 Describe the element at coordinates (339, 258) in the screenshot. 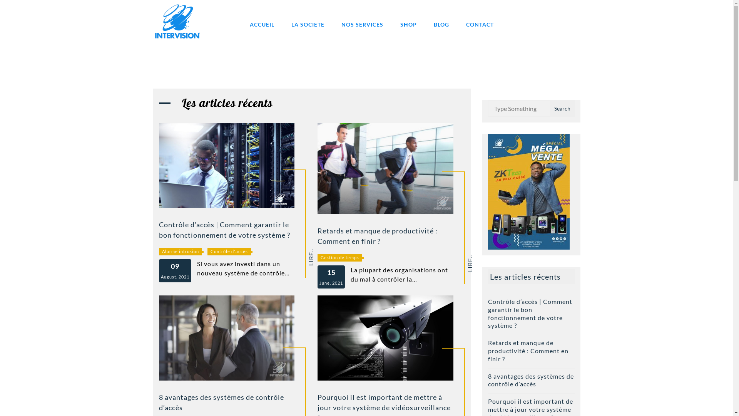

I see `'Gestion de temps'` at that location.